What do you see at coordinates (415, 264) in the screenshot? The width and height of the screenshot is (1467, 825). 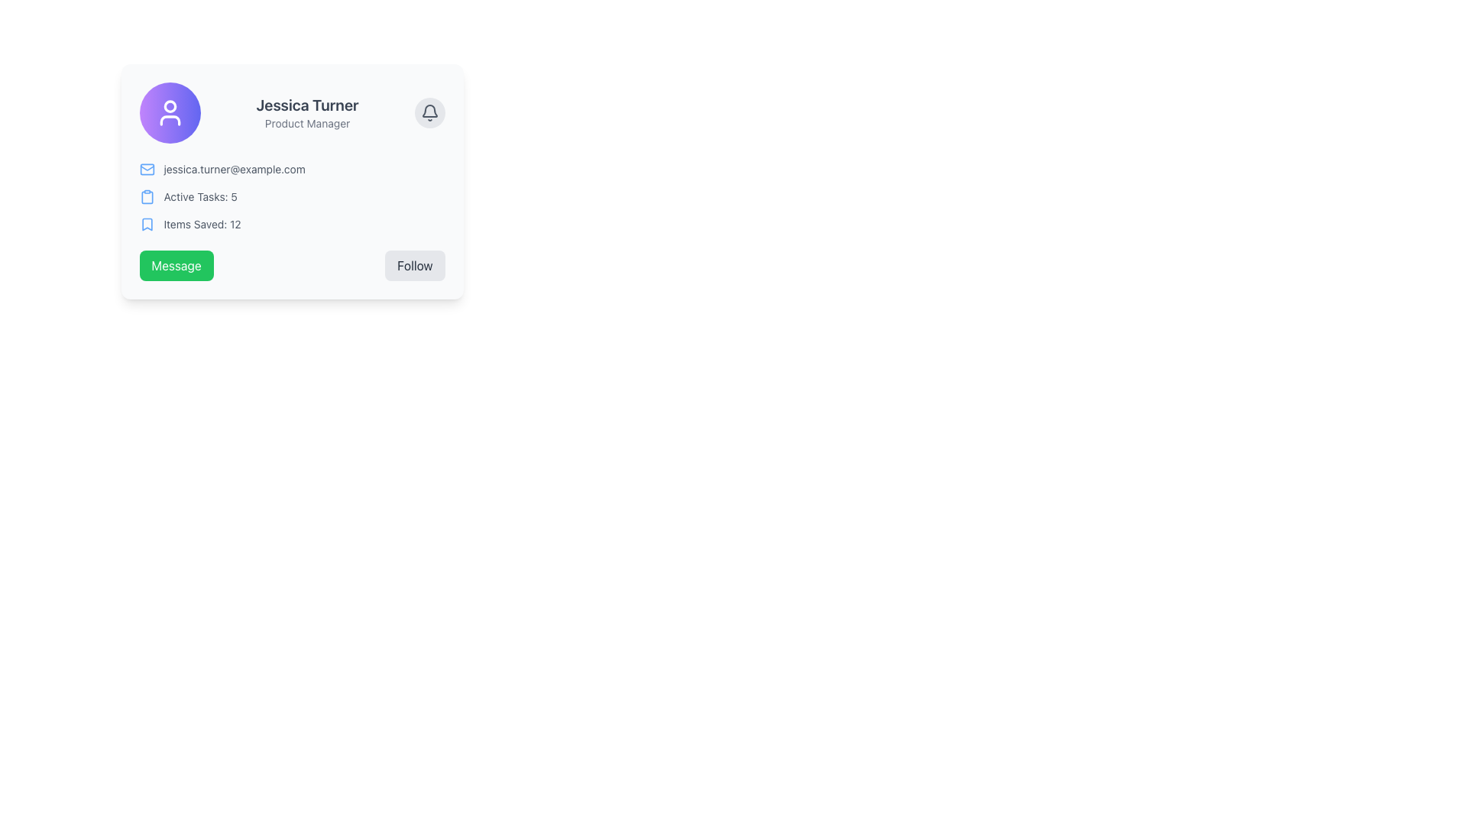 I see `the 'Follow' button, which is a rectangular button with rounded corners, light gray background, and black text, positioned to the right of the 'Message' button in a card layout` at bounding box center [415, 264].